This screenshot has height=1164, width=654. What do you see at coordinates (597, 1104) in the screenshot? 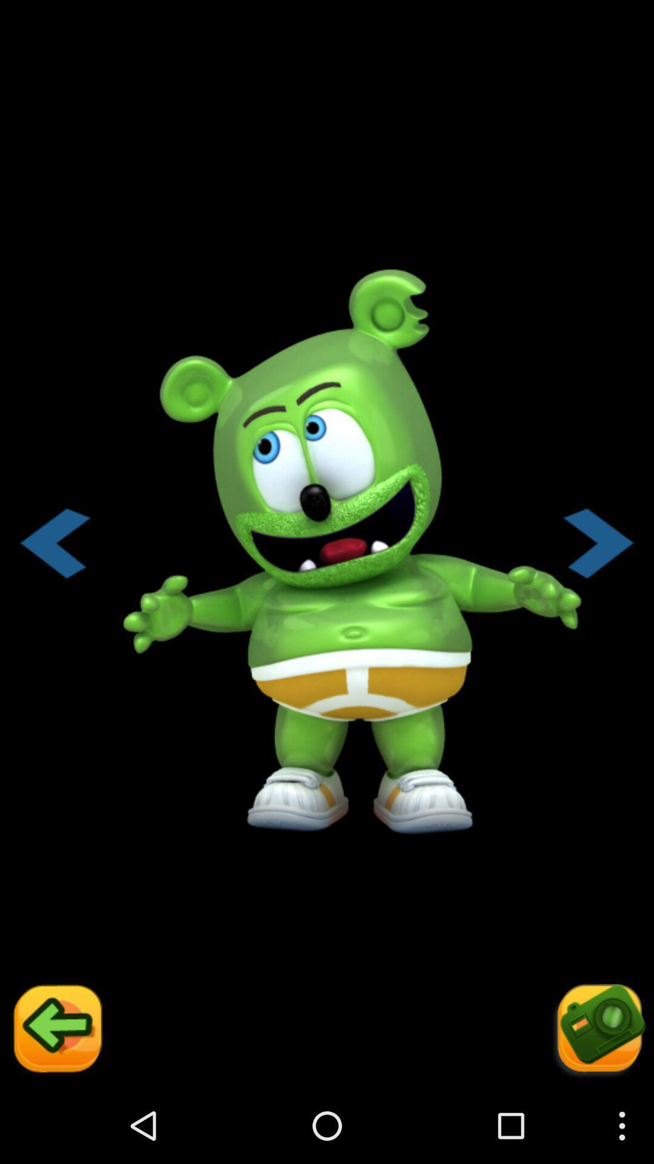
I see `the photo icon` at bounding box center [597, 1104].